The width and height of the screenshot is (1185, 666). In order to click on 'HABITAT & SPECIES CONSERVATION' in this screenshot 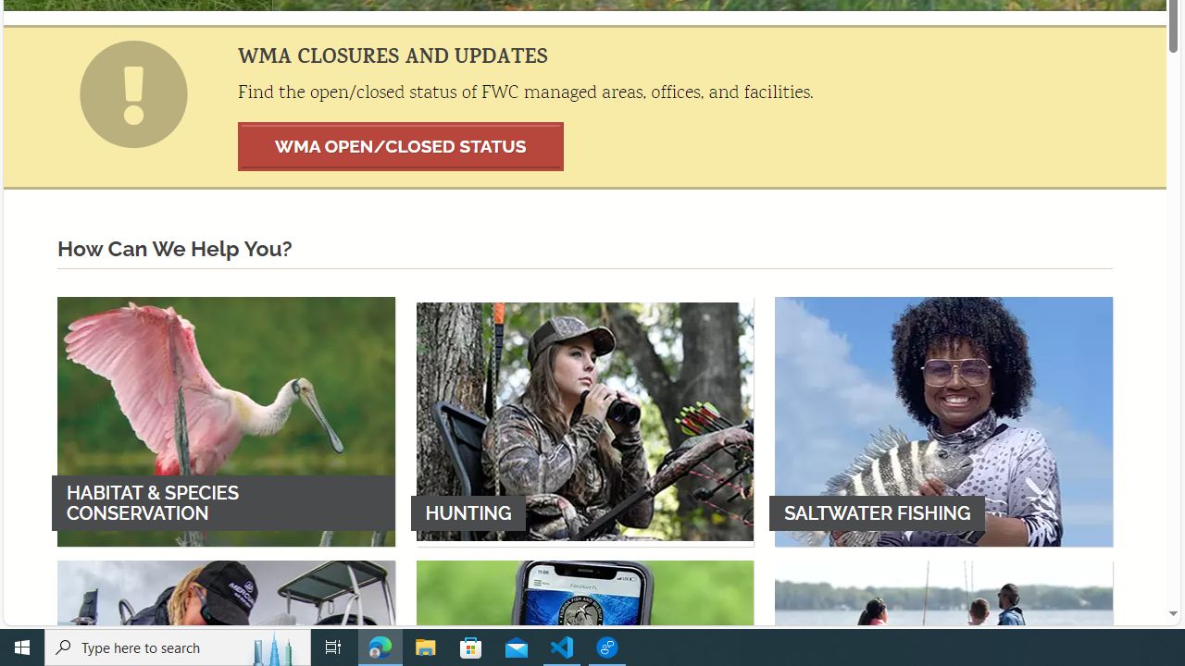, I will do `click(225, 421)`.